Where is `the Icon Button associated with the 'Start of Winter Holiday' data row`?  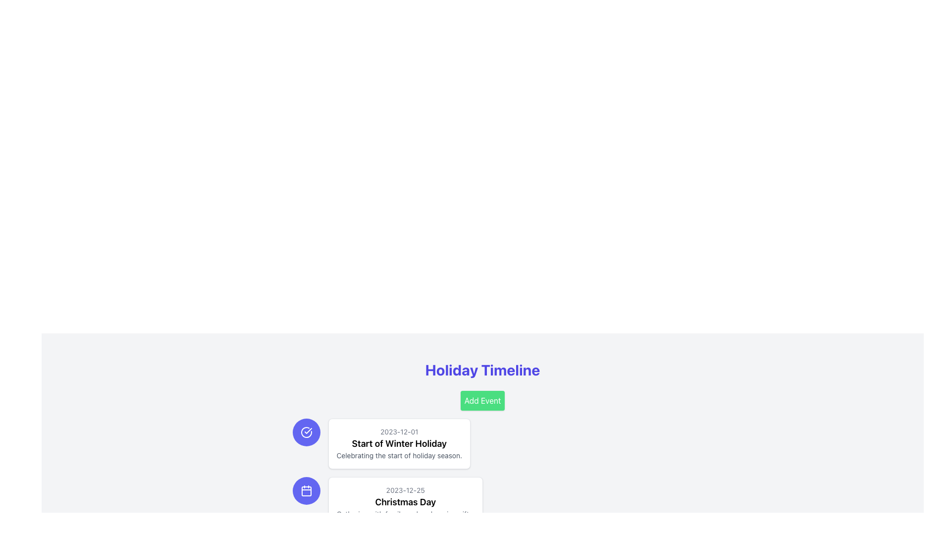 the Icon Button associated with the 'Start of Winter Holiday' data row is located at coordinates (306, 431).